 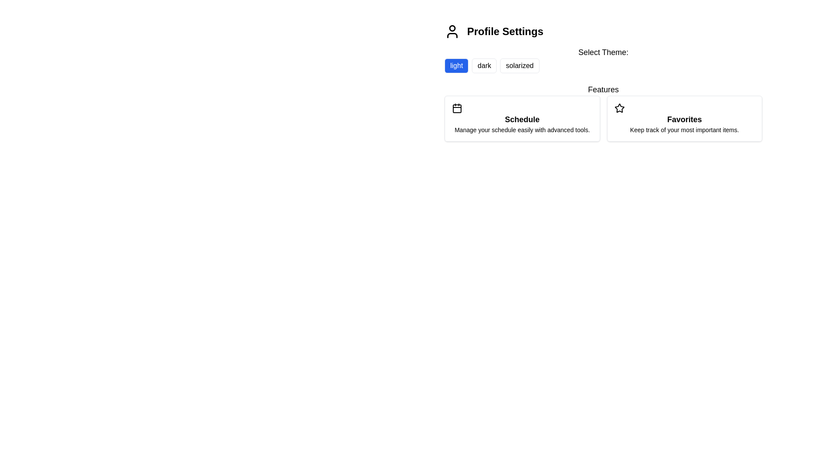 What do you see at coordinates (505, 31) in the screenshot?
I see `the 'Profile Settings' text label located towards the top-left of the interface, which is aligned to the right of the user icon` at bounding box center [505, 31].